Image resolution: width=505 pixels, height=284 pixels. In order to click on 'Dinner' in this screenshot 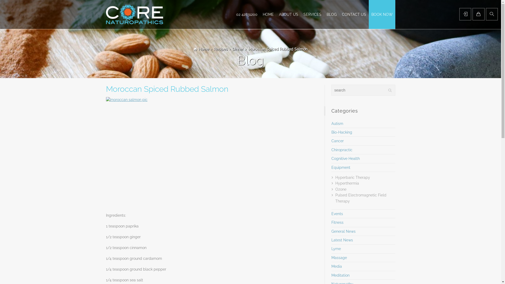, I will do `click(237, 49)`.